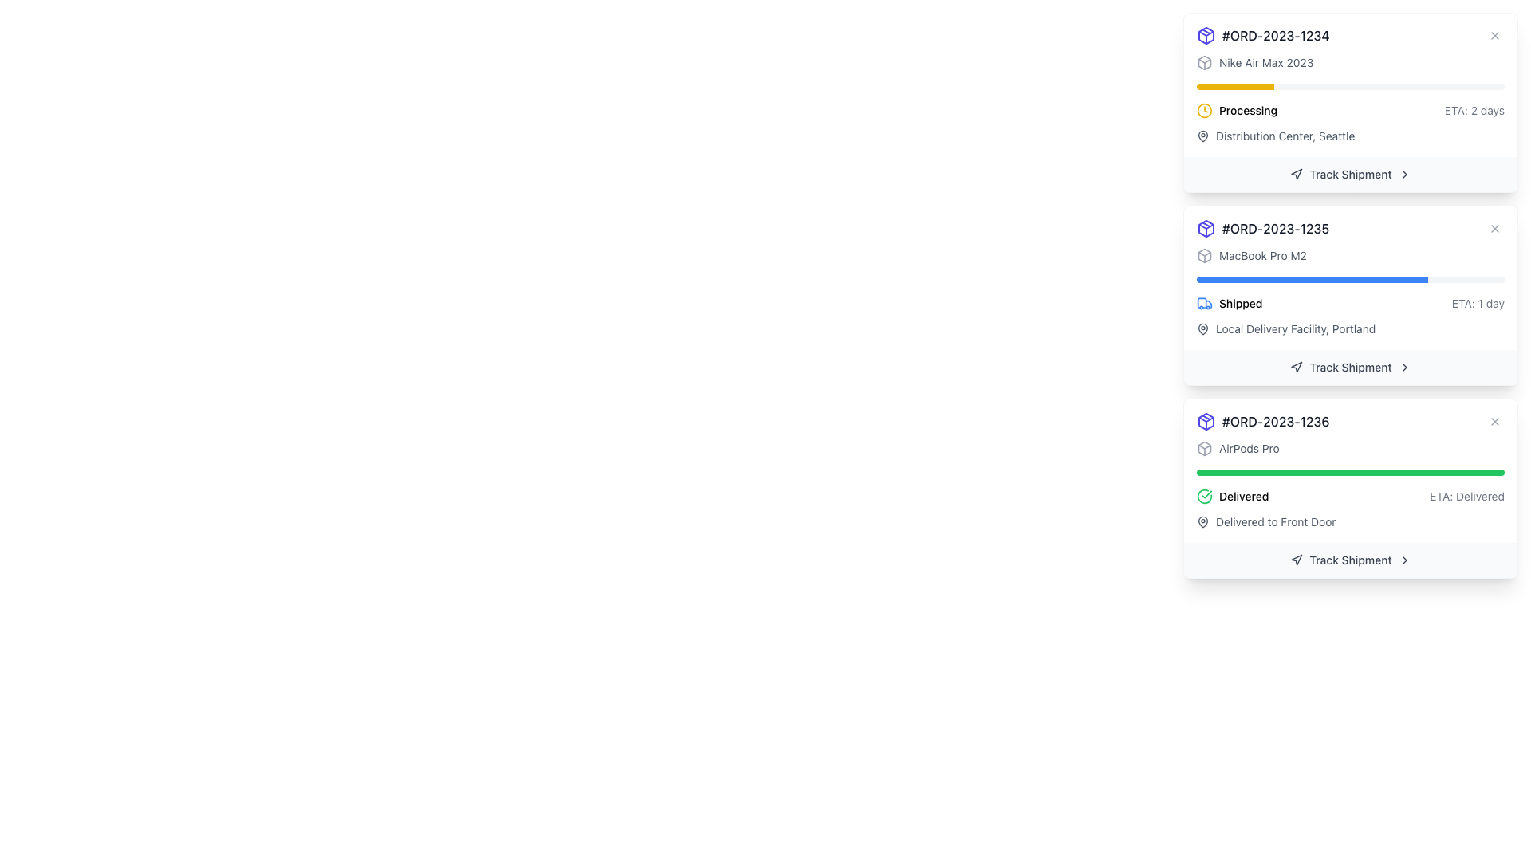 Image resolution: width=1531 pixels, height=861 pixels. What do you see at coordinates (1276, 522) in the screenshot?
I see `informational text 'Delivered to Front Door' which is styled in a small, gray font located in the bottommost card of the displayed list, beneath the 'Delivered' status and aligned to the left of the 'Track Shipment' button` at bounding box center [1276, 522].